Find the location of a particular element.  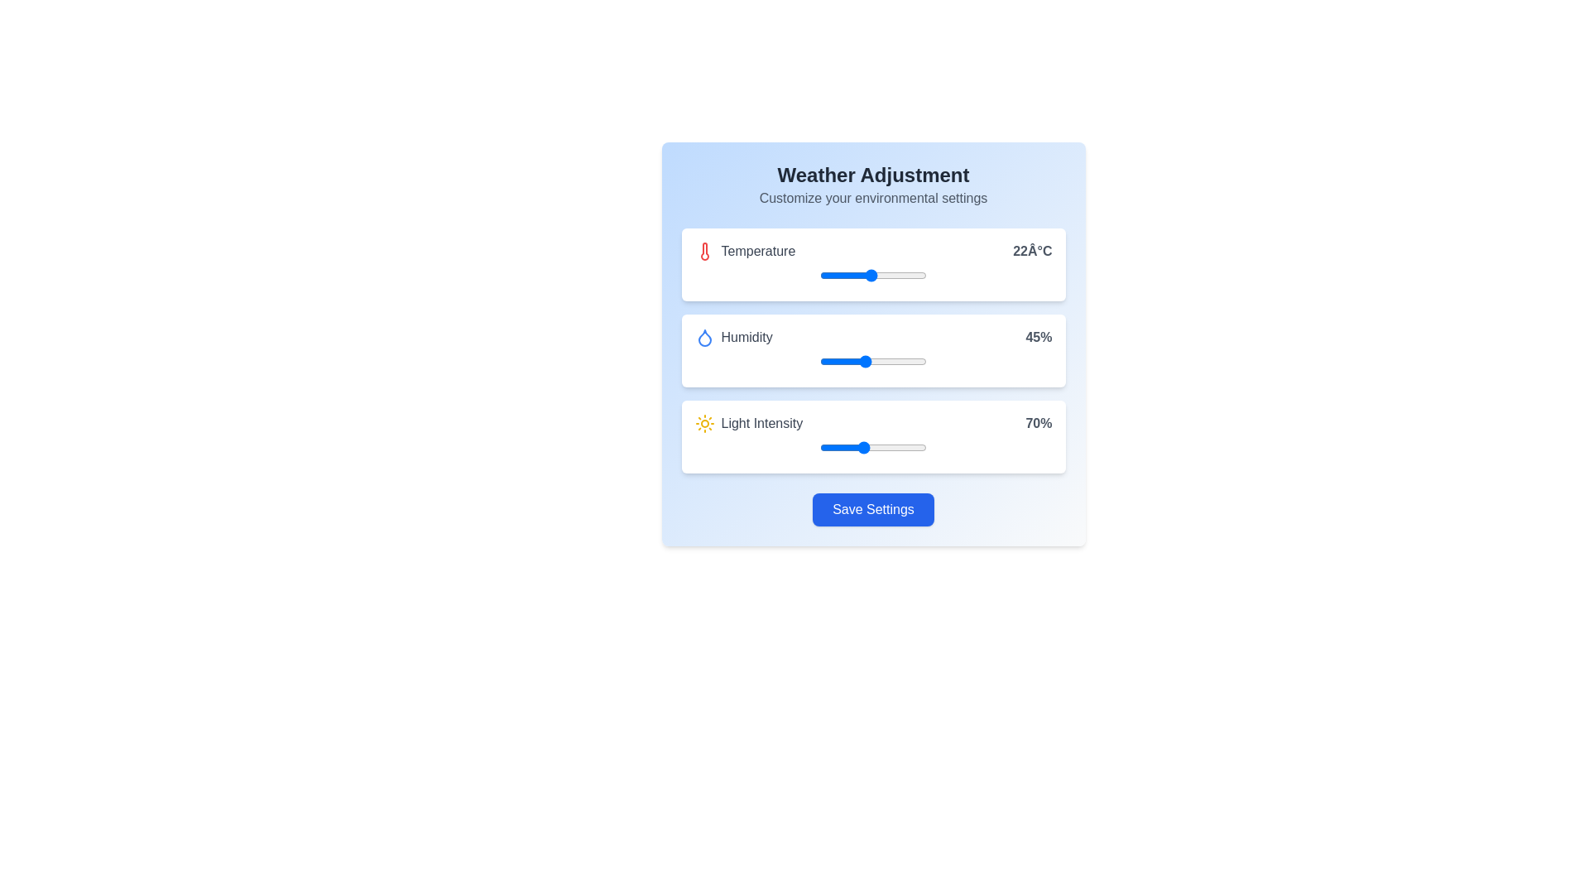

the text display showing '70%' in a gray font, located to the far right of the Light Intensity control section, adjacent to the slider is located at coordinates (1038, 423).